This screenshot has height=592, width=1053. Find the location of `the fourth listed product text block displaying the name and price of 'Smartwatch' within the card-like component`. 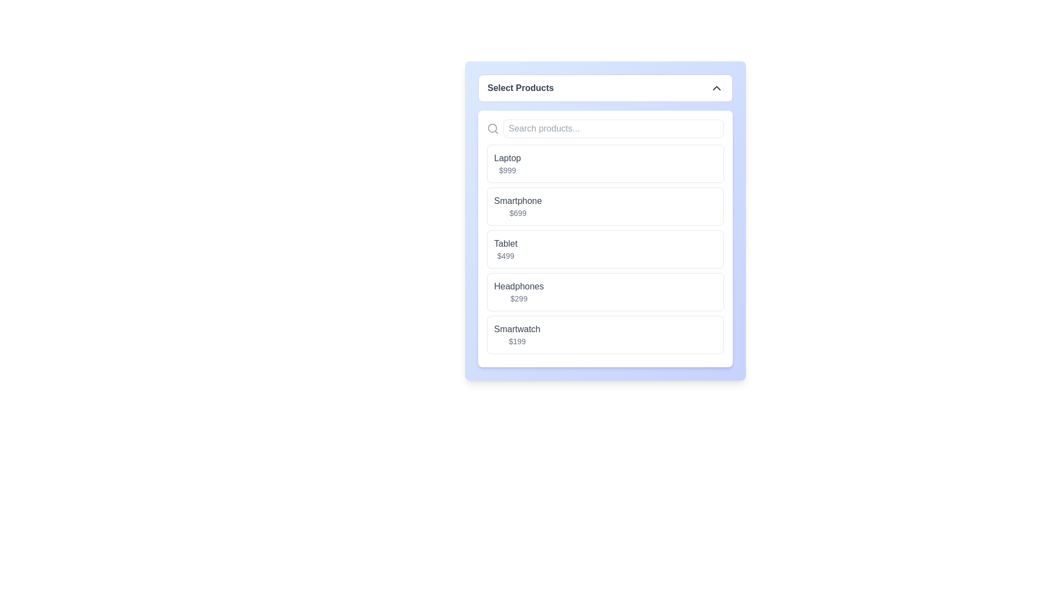

the fourth listed product text block displaying the name and price of 'Smartwatch' within the card-like component is located at coordinates (517, 334).